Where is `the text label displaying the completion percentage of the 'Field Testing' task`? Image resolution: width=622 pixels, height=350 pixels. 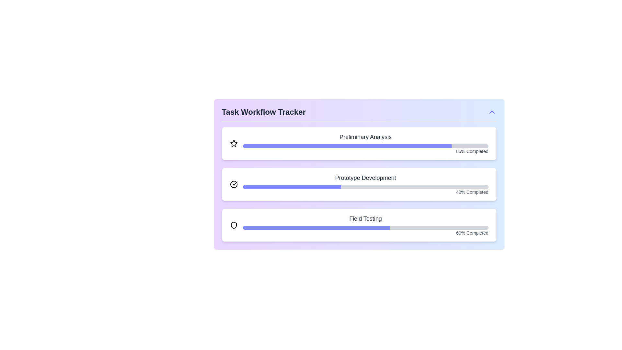 the text label displaying the completion percentage of the 'Field Testing' task is located at coordinates (365, 232).